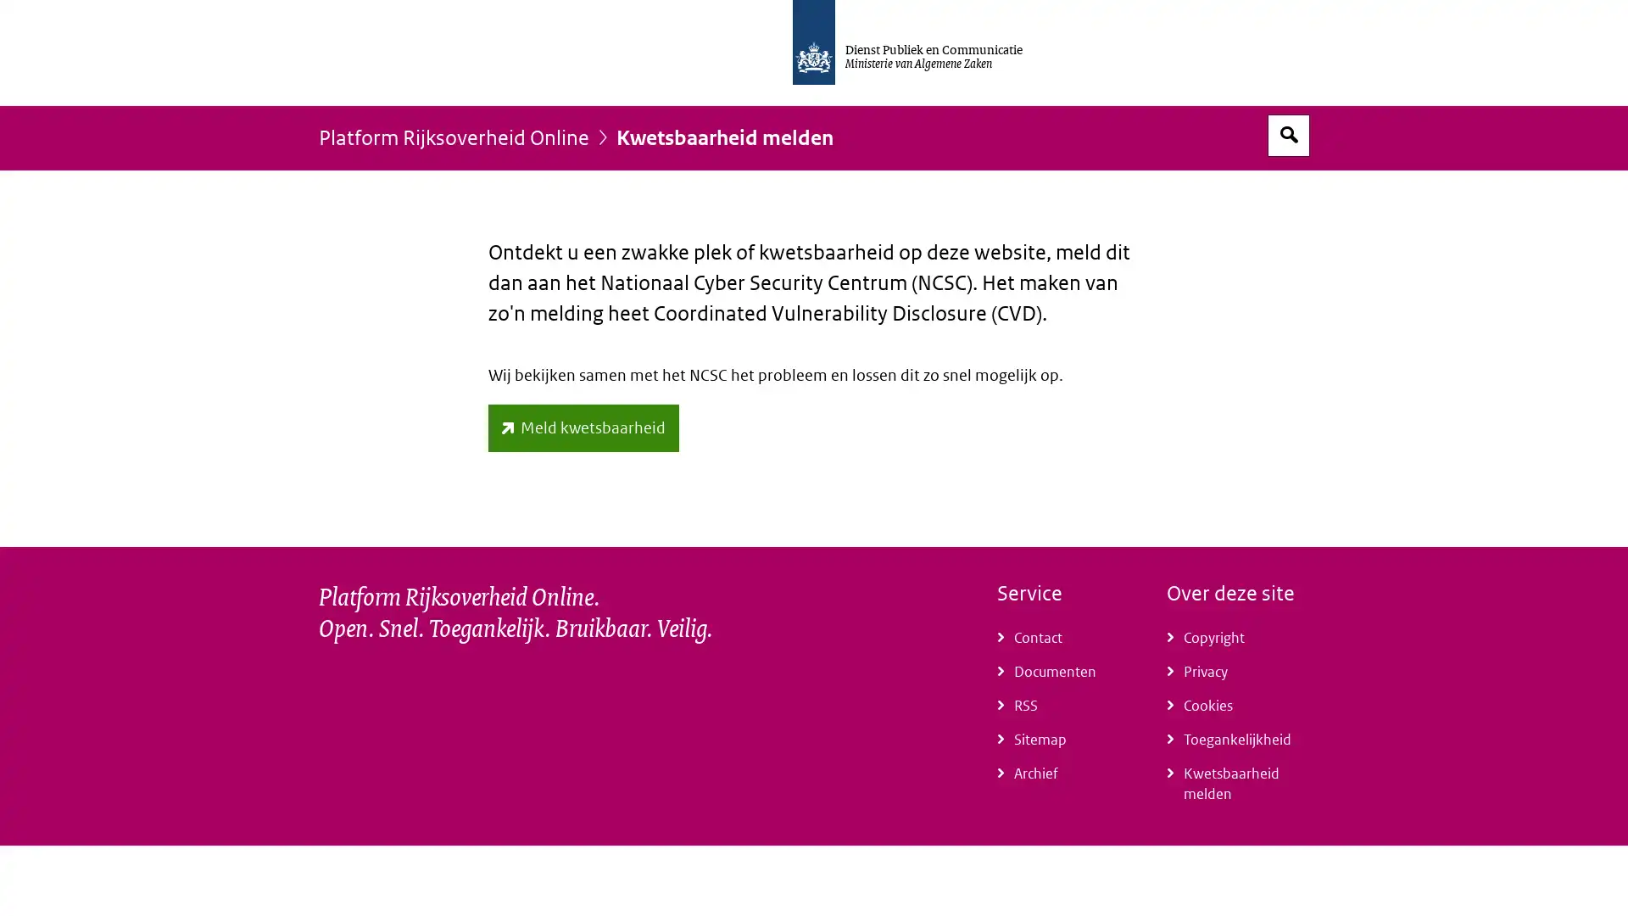  I want to click on Open zoekveld, so click(1289, 134).